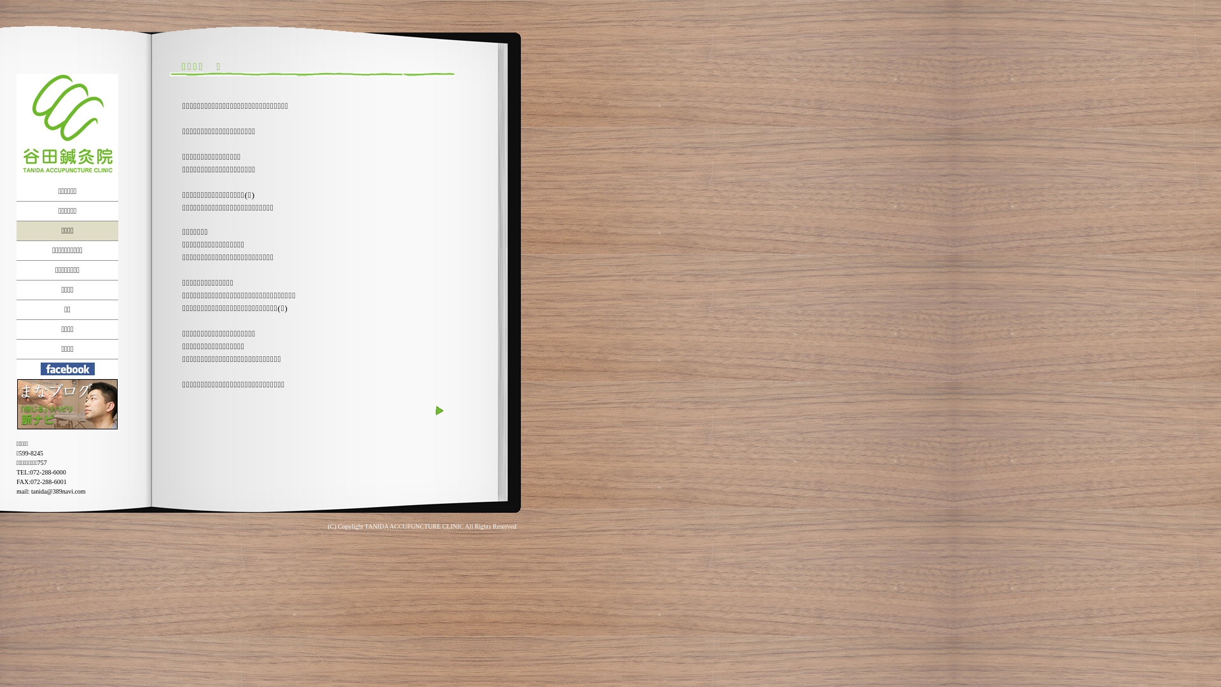 The image size is (1221, 687). I want to click on 'tanida@389navi.com', so click(31, 490).